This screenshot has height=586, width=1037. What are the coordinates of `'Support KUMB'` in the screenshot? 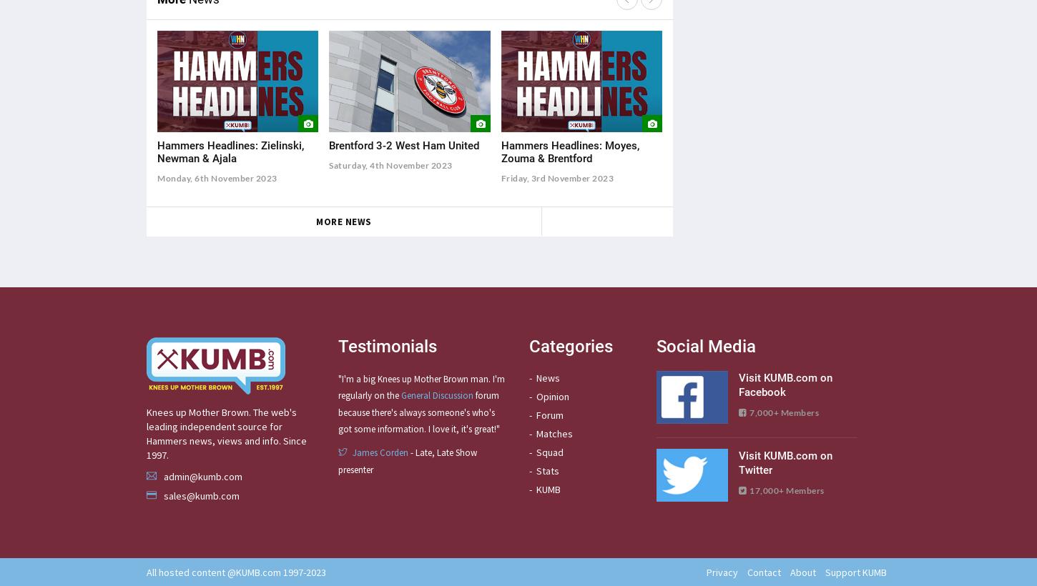 It's located at (854, 572).